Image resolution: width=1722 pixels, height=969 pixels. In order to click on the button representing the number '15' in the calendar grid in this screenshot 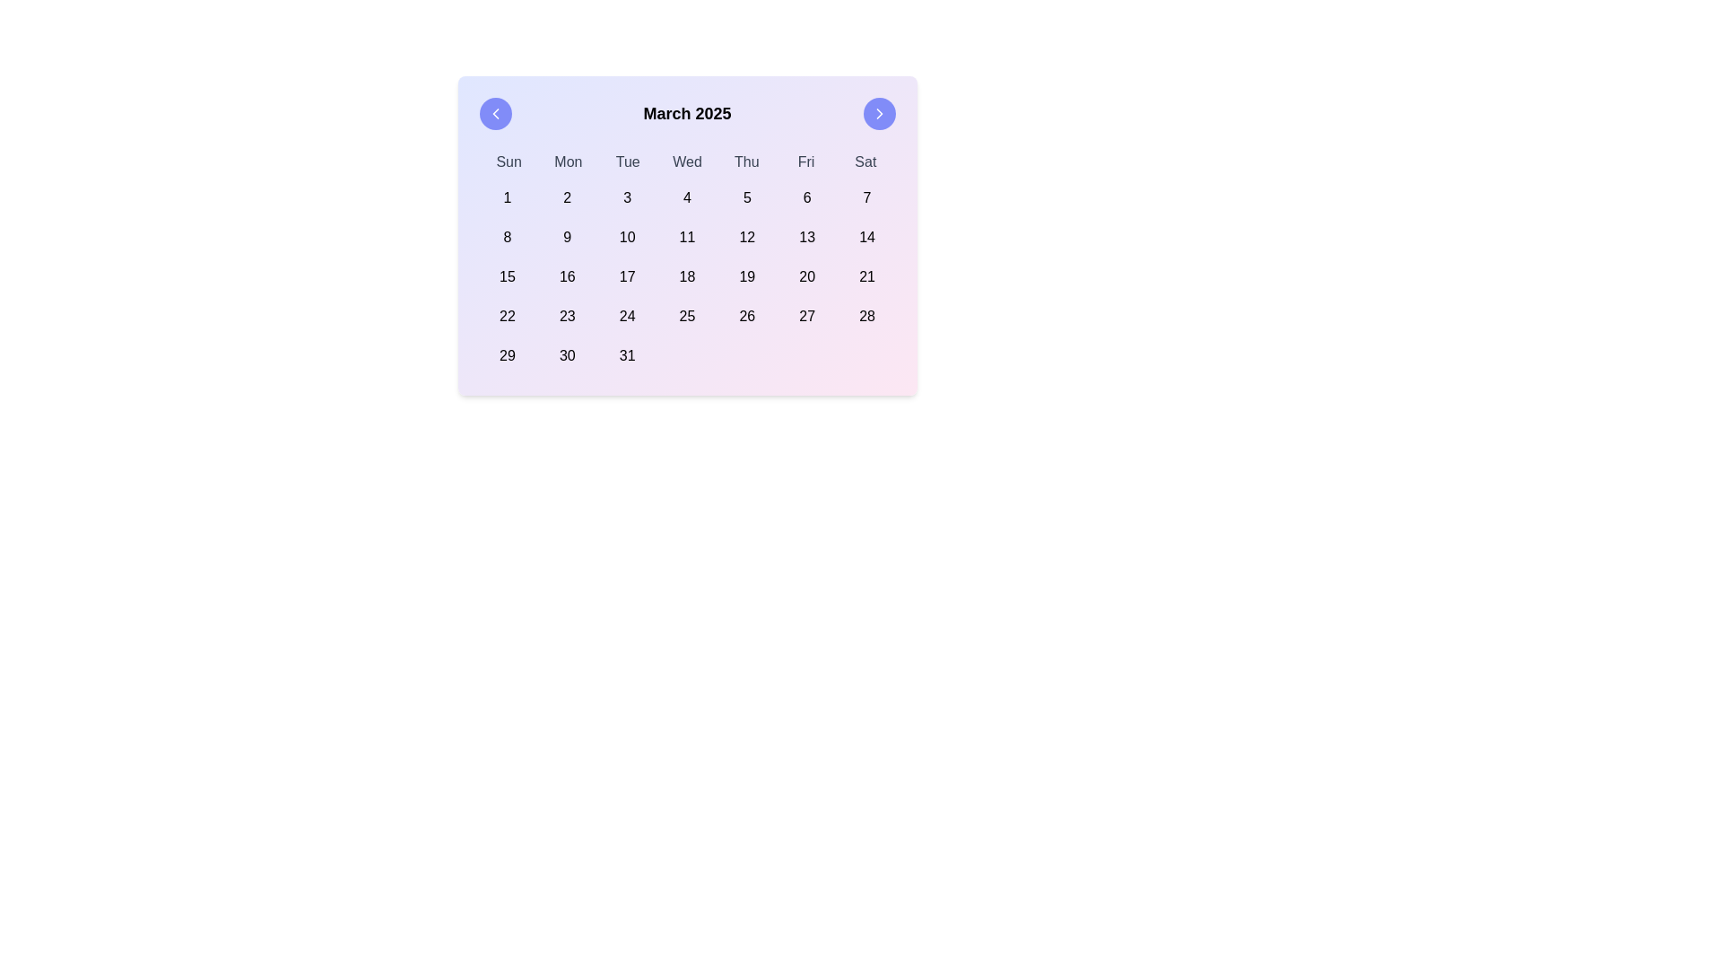, I will do `click(506, 276)`.